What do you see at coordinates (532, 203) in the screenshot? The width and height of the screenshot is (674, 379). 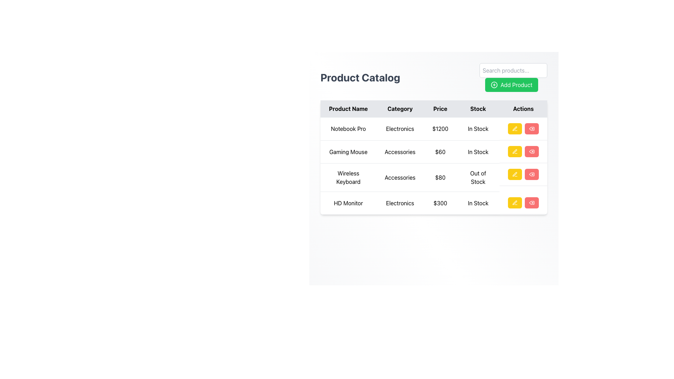 I see `the delete button located in the 'Actions' column of the product catalog table, adjacent to the yellow pencil icon button for the 'HD Monitor' product to initiate deletion` at bounding box center [532, 203].